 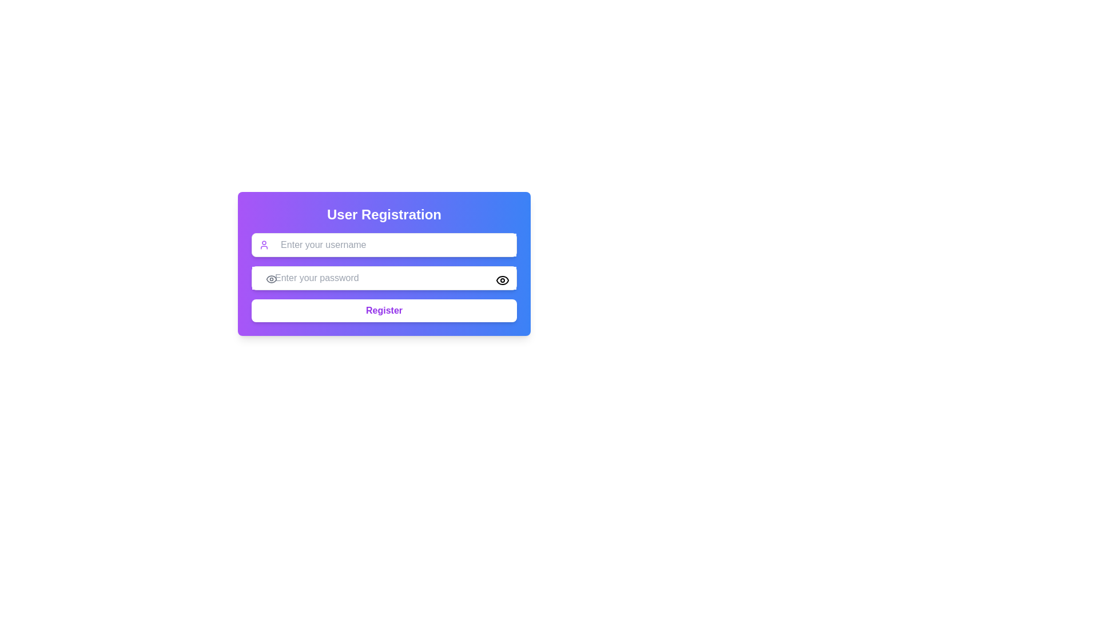 I want to click on the 'Register' button, which is a rectangular button with rounded edges, white background, and purple text located at the bottom of the 'User Registration' form card, so click(x=384, y=310).